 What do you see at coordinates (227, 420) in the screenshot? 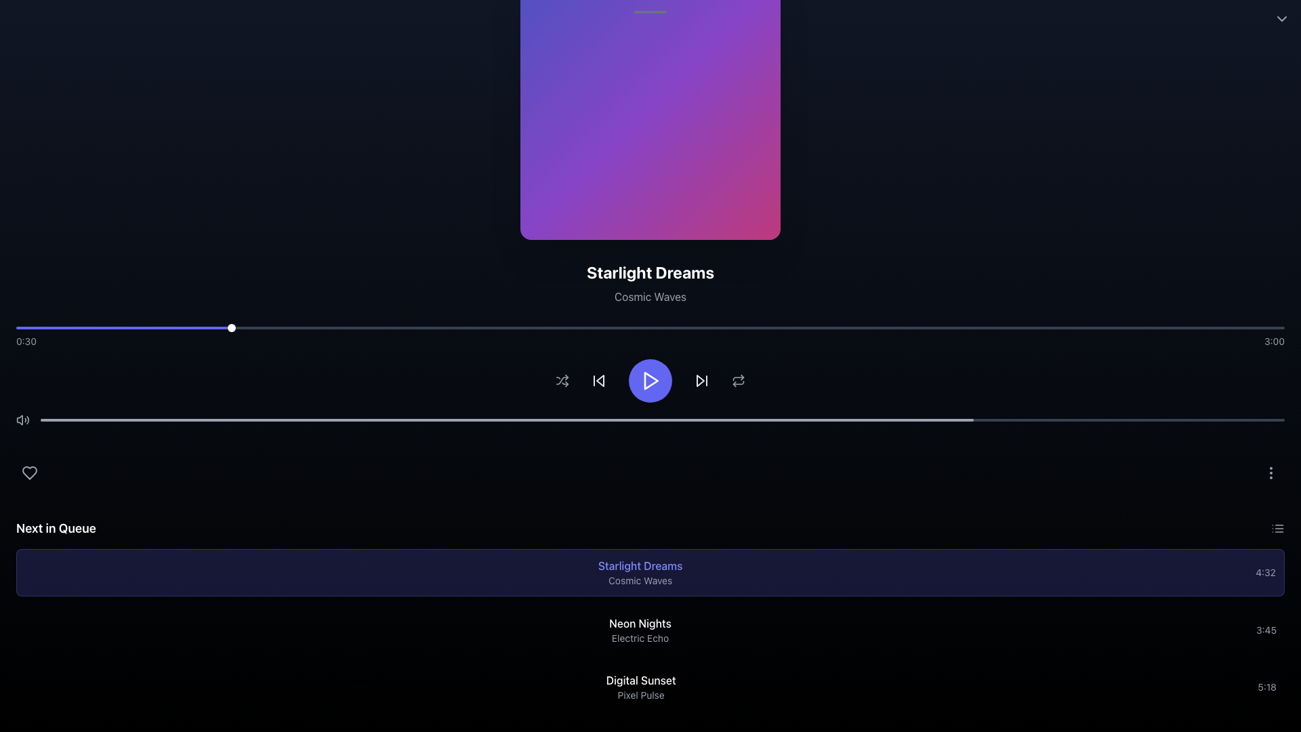
I see `the playback progress` at bounding box center [227, 420].